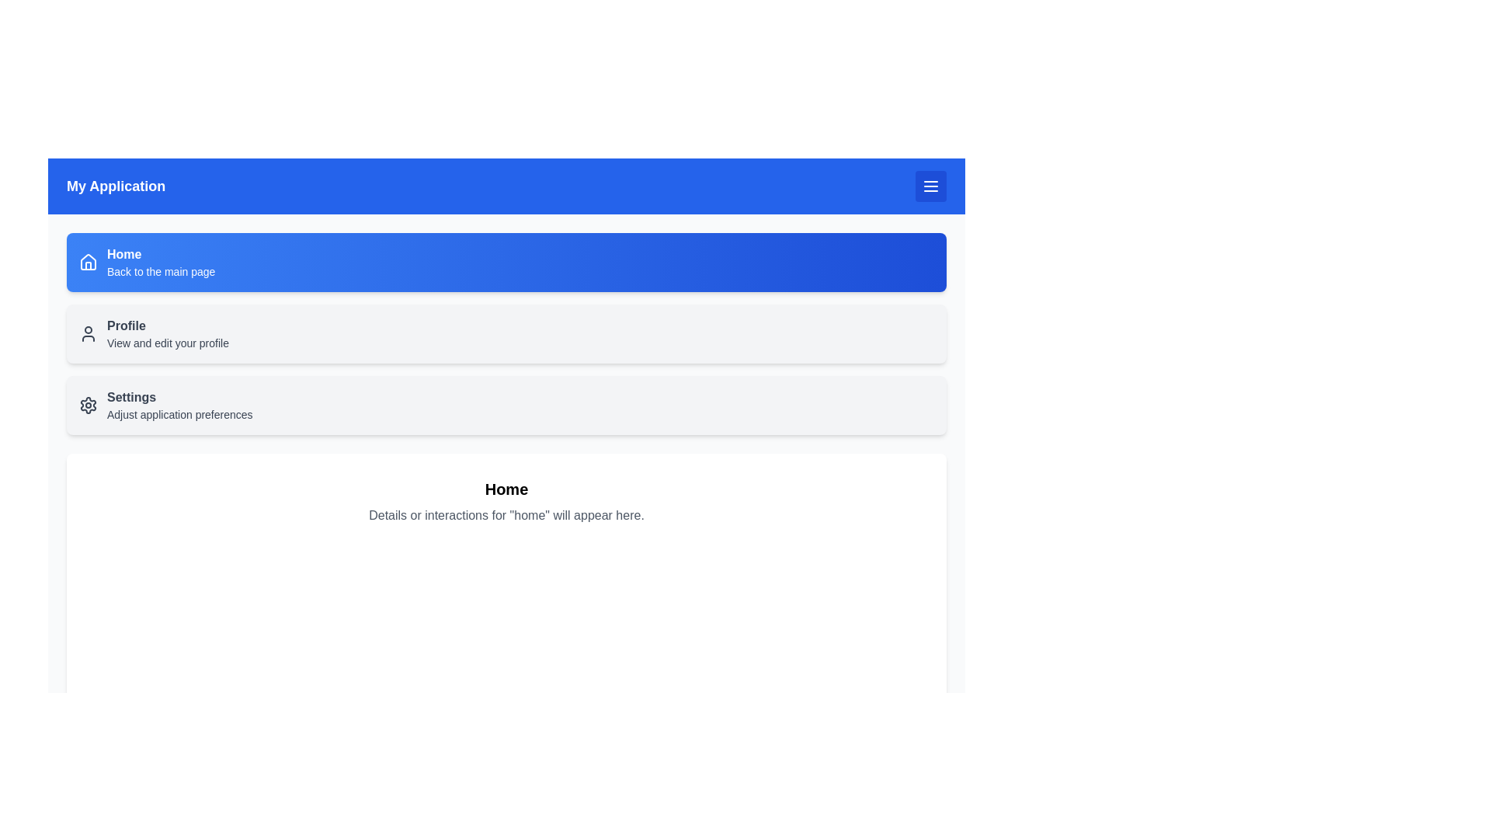  Describe the element at coordinates (161, 271) in the screenshot. I see `the informational text that reads 'Back to the main page', which is positioned below the 'Home' label in the navigation panel` at that location.